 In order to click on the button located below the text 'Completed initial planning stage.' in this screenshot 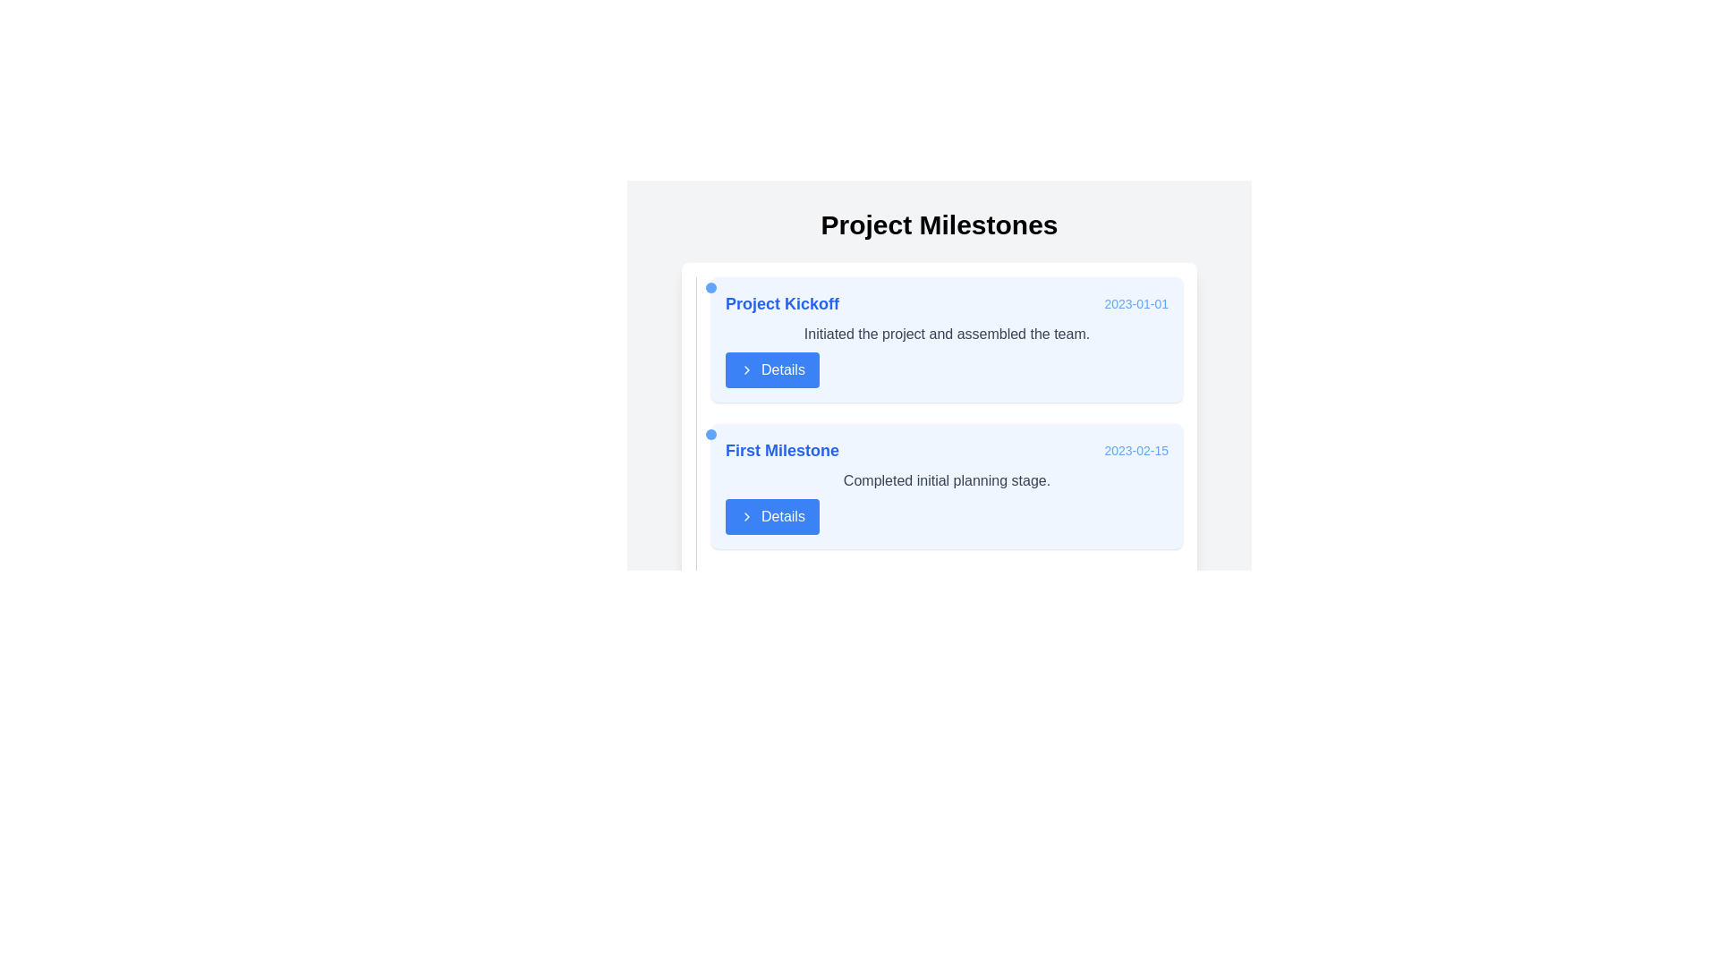, I will do `click(772, 517)`.